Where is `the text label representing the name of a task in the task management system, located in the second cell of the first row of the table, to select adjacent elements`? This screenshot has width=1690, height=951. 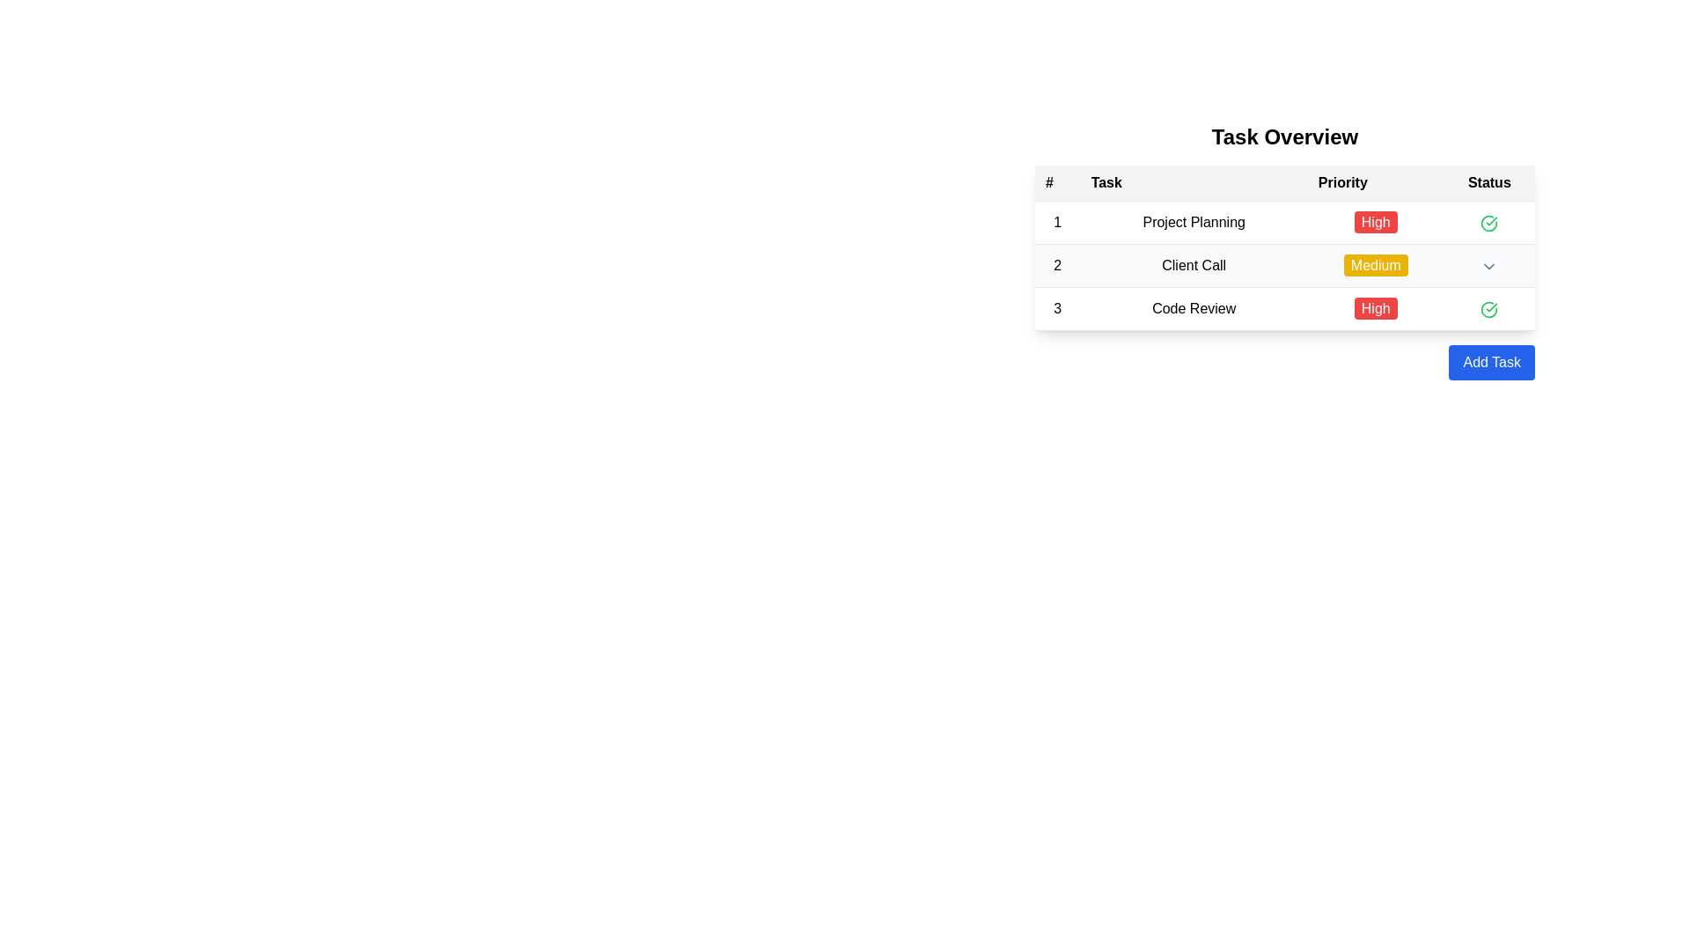 the text label representing the name of a task in the task management system, located in the second cell of the first row of the table, to select adjacent elements is located at coordinates (1194, 222).